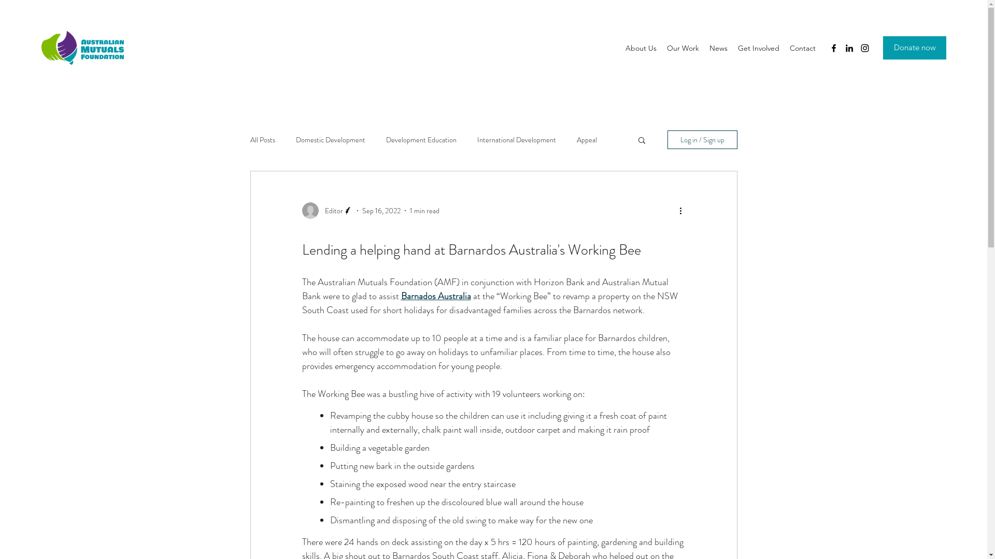  Describe the element at coordinates (732, 48) in the screenshot. I see `'Get Involved'` at that location.